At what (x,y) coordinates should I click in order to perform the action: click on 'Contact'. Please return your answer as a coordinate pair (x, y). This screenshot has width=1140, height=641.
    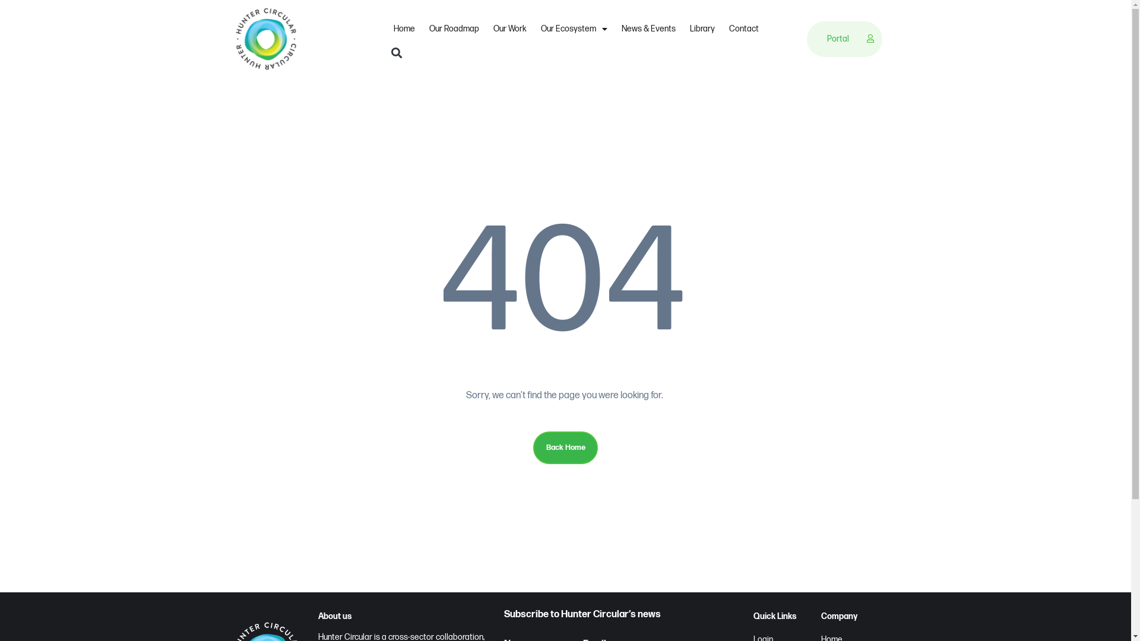
    Looking at the image, I should click on (743, 28).